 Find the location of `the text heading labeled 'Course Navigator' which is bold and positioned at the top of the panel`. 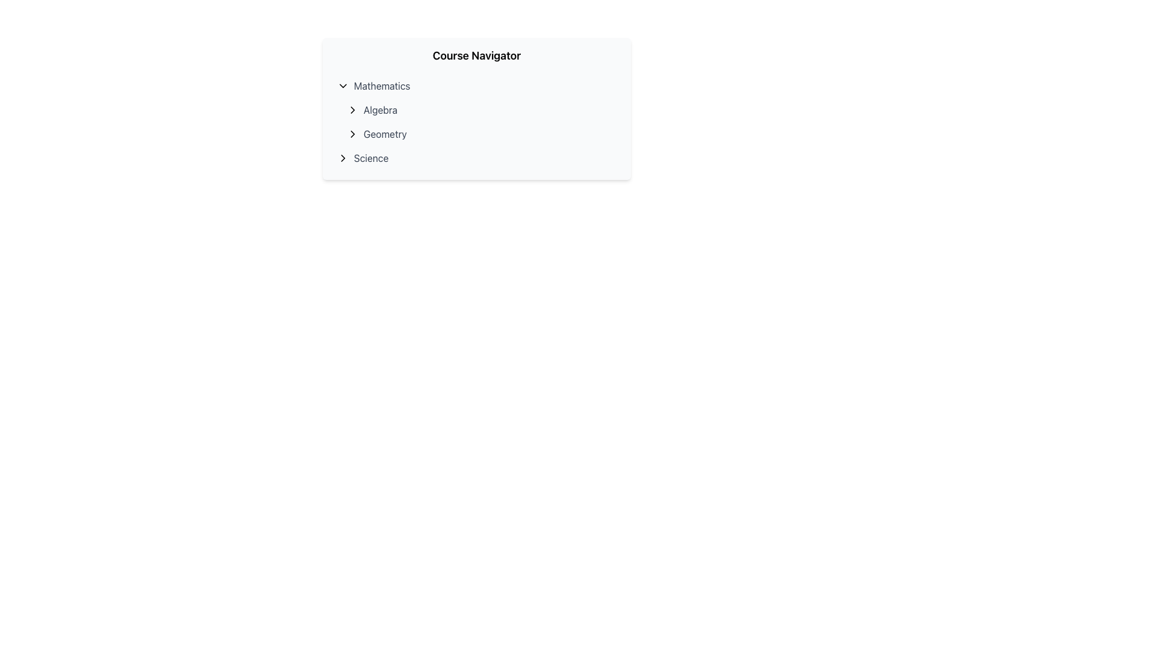

the text heading labeled 'Course Navigator' which is bold and positioned at the top of the panel is located at coordinates (476, 55).